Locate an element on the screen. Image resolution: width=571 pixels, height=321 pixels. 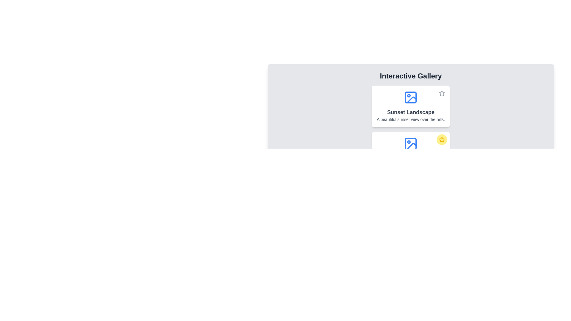
the yellow outlined star icon located in the upper-right corner of the card interface is located at coordinates (442, 140).